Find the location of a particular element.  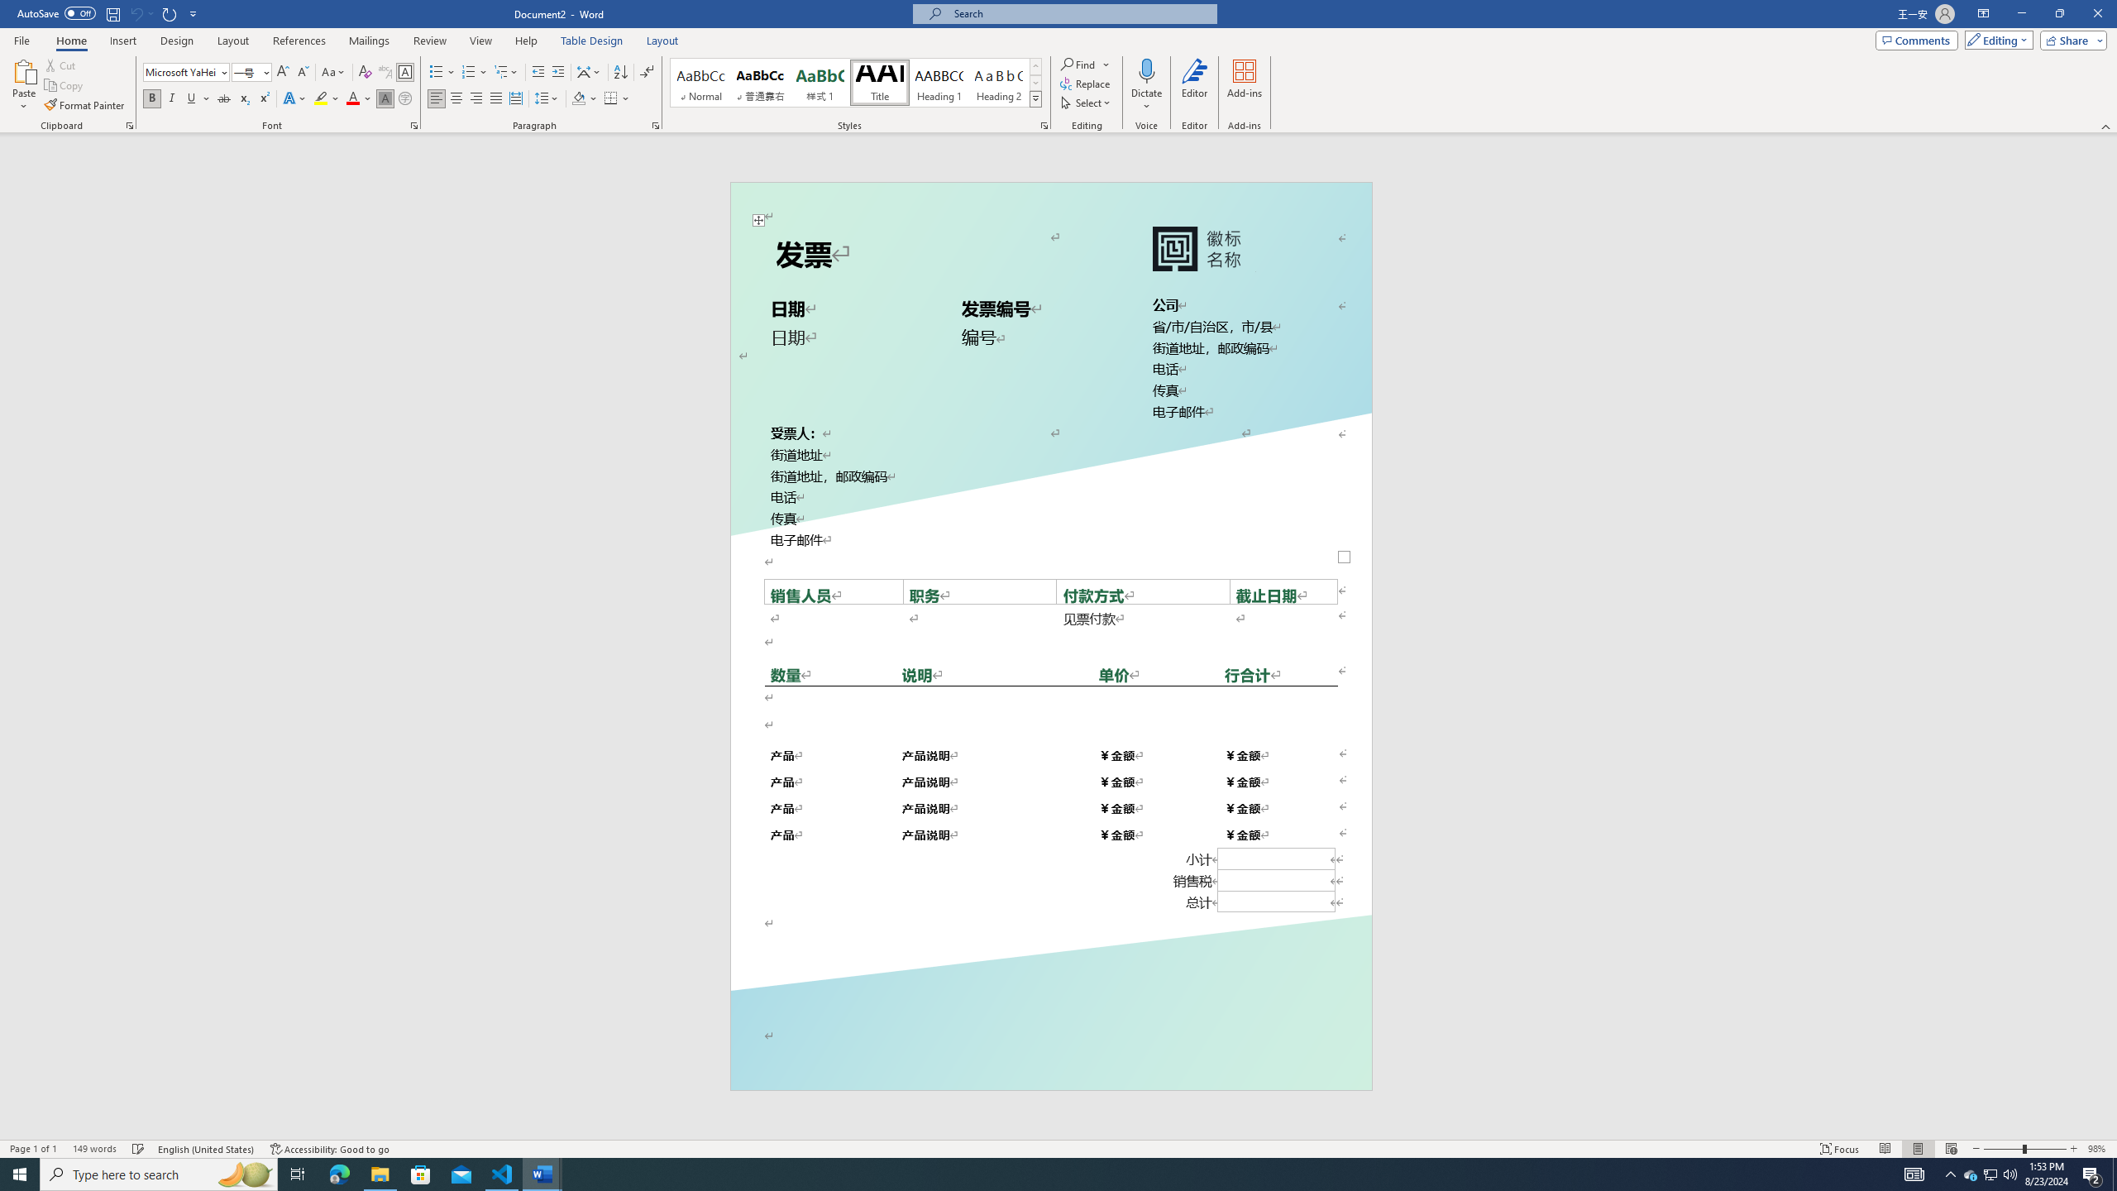

'Enclose Characters...' is located at coordinates (404, 98).